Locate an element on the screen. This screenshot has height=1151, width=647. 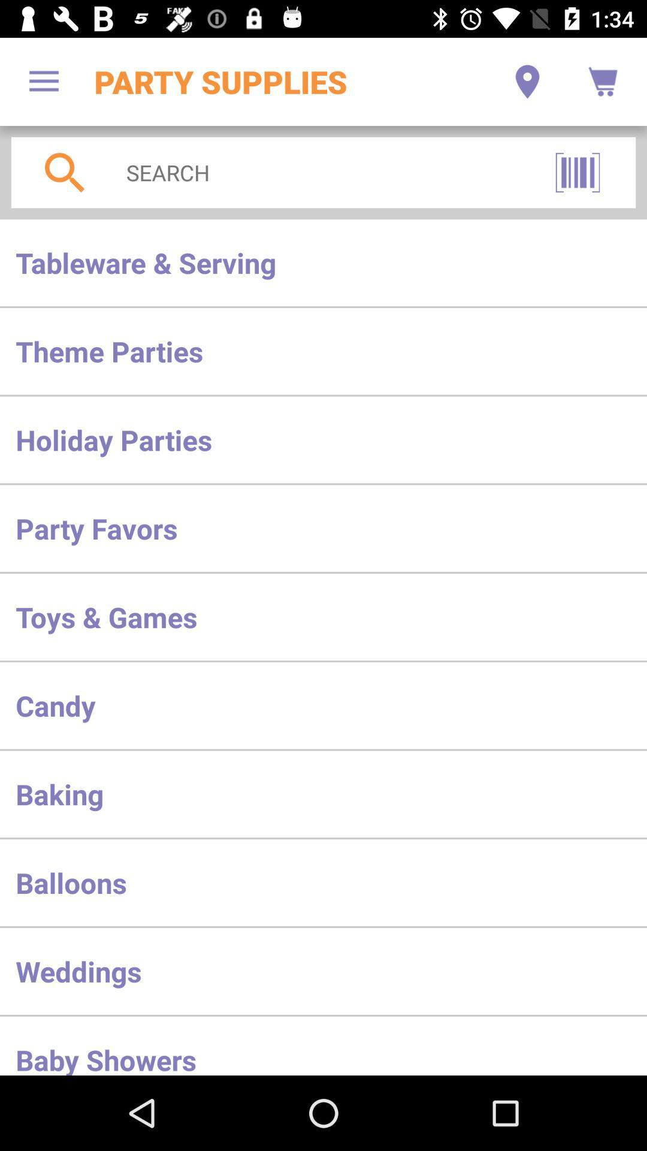
the item below the theme parties item is located at coordinates (323, 439).